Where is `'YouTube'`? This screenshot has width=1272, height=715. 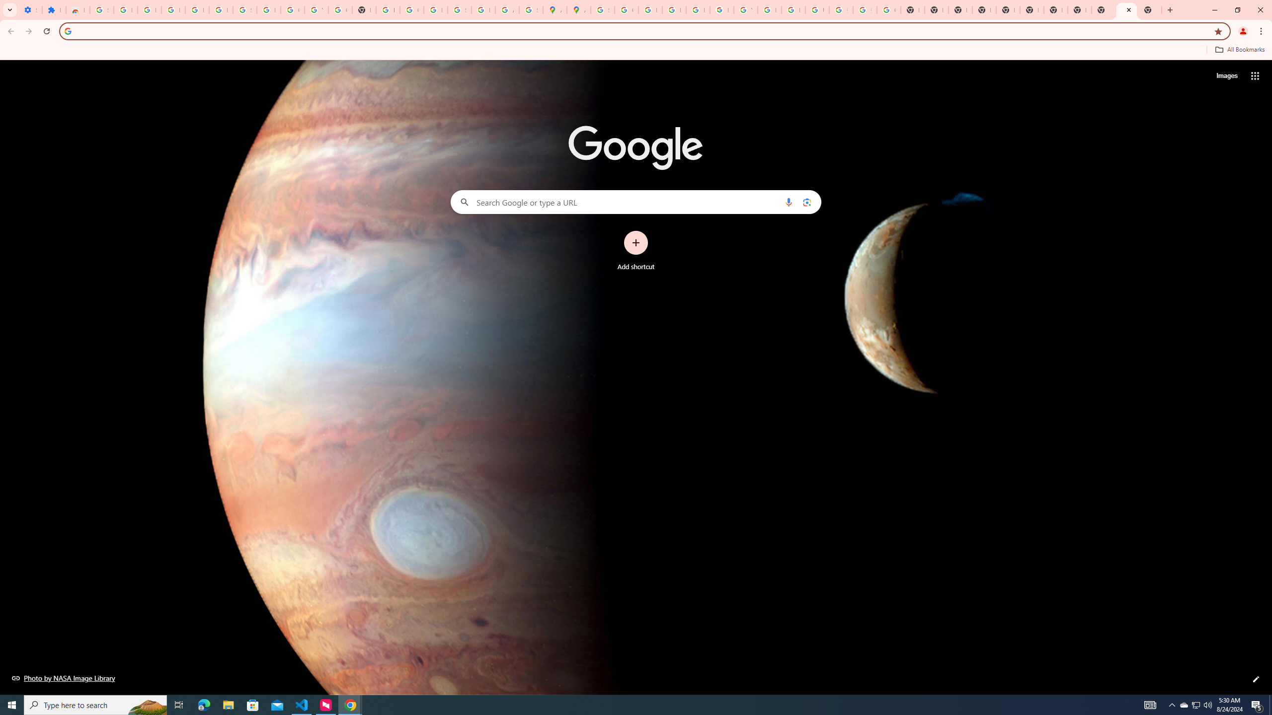 'YouTube' is located at coordinates (745, 9).